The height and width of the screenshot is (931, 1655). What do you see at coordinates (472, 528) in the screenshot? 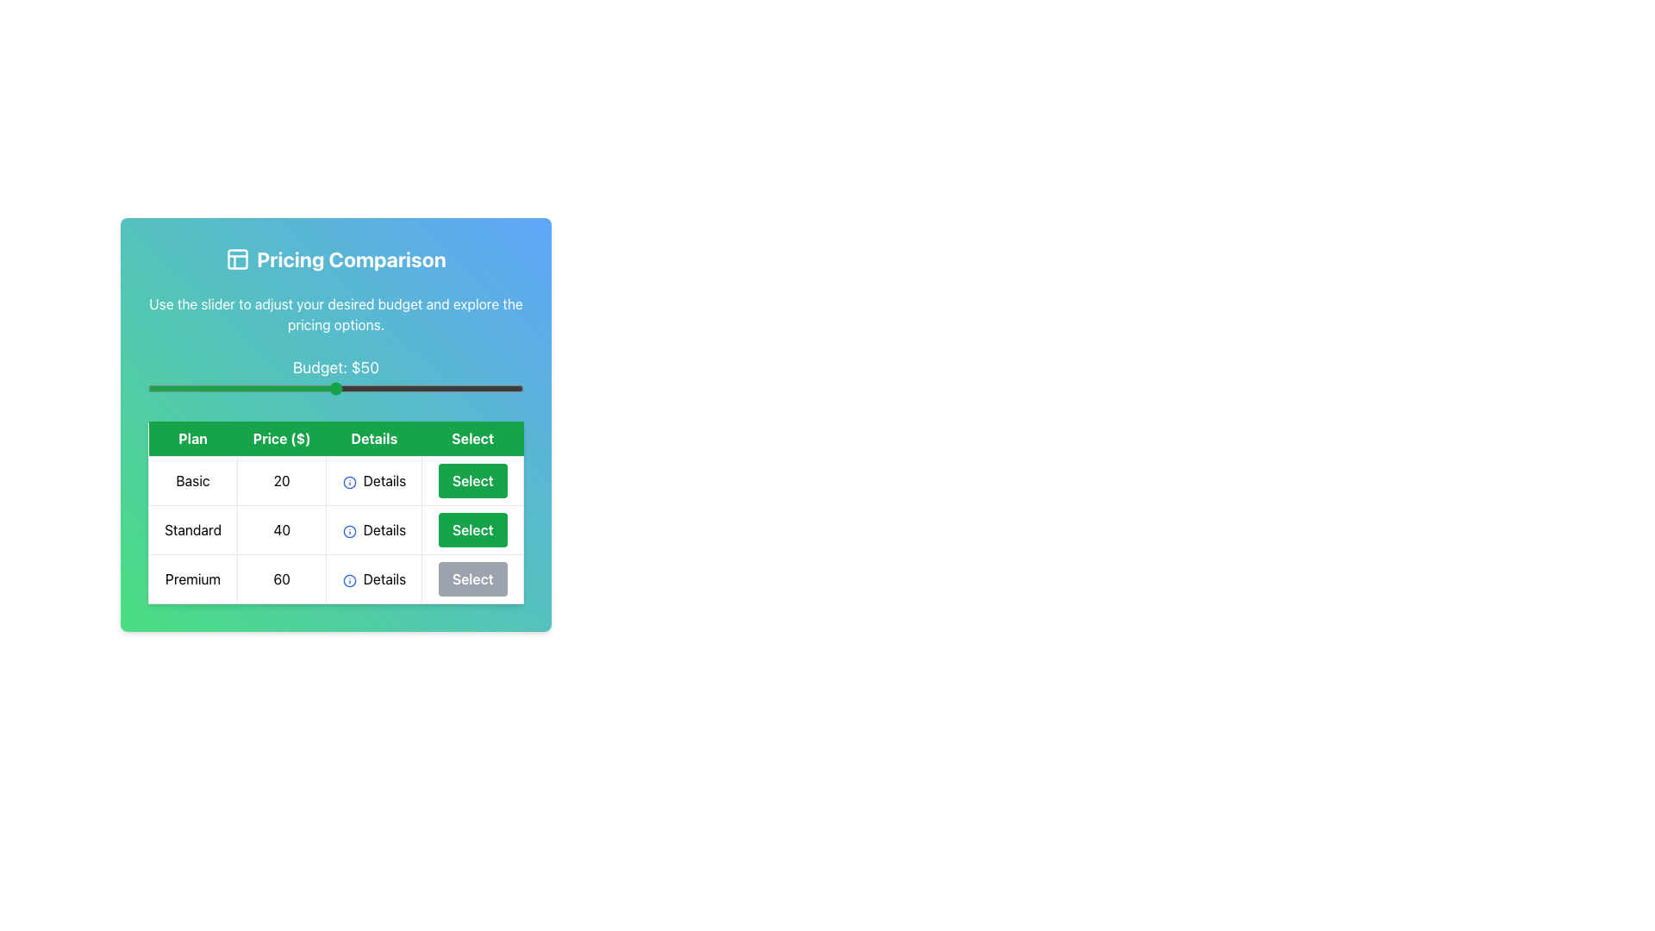
I see `the 'Select' button located in the second row under the 'Select' column of the pricing comparison table` at bounding box center [472, 528].